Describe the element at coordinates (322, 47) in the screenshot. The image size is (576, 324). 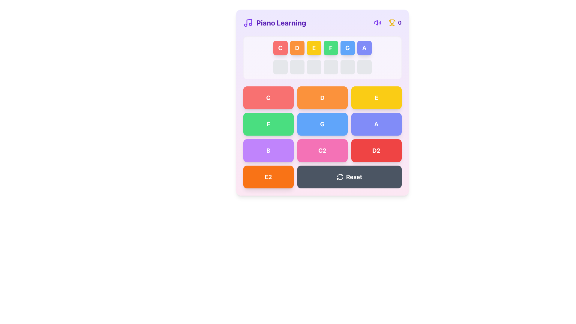
I see `the static display element featuring grouped text items that represents a sequence of musical notes, located directly under the title 'Piano Learning'` at that location.